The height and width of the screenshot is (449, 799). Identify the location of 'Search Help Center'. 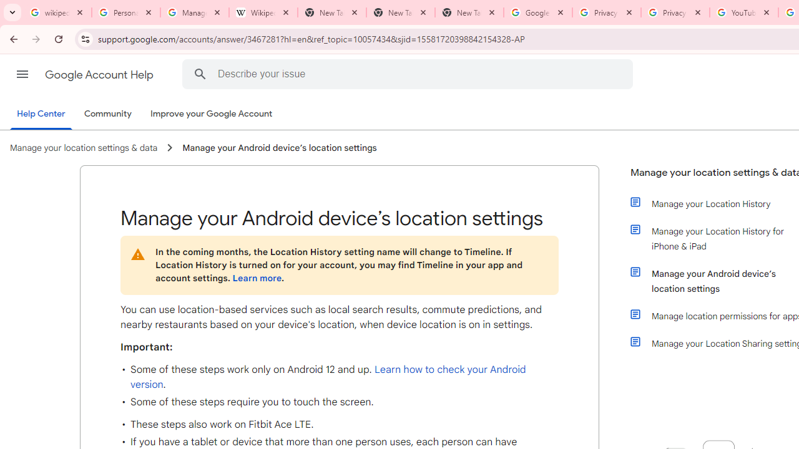
(200, 74).